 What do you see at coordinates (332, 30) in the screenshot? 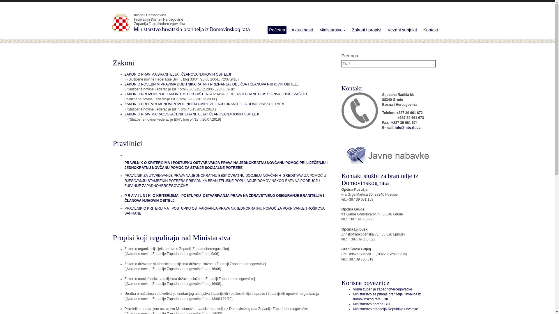
I see `'Ministarstvo'` at bounding box center [332, 30].